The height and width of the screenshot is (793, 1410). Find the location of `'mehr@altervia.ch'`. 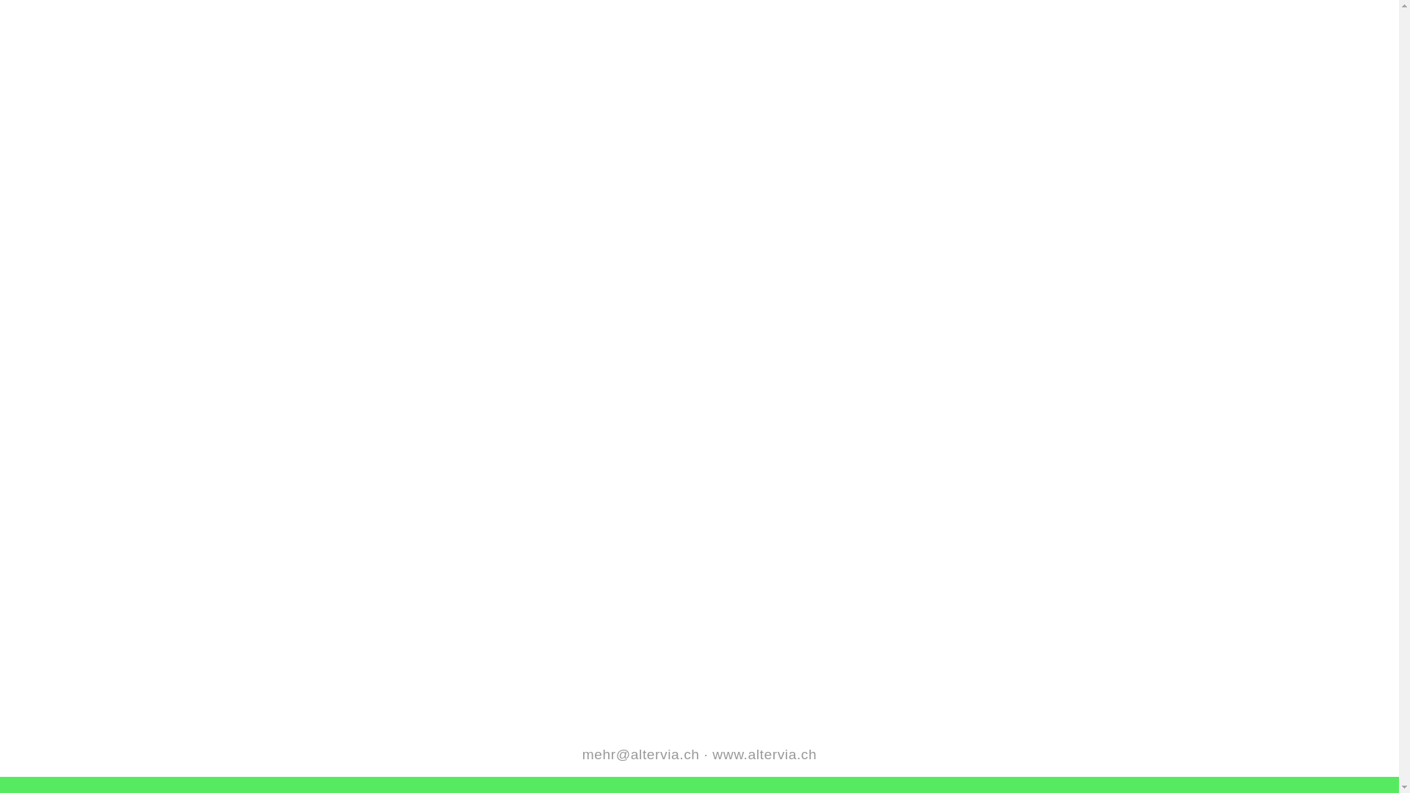

'mehr@altervia.ch' is located at coordinates (581, 754).